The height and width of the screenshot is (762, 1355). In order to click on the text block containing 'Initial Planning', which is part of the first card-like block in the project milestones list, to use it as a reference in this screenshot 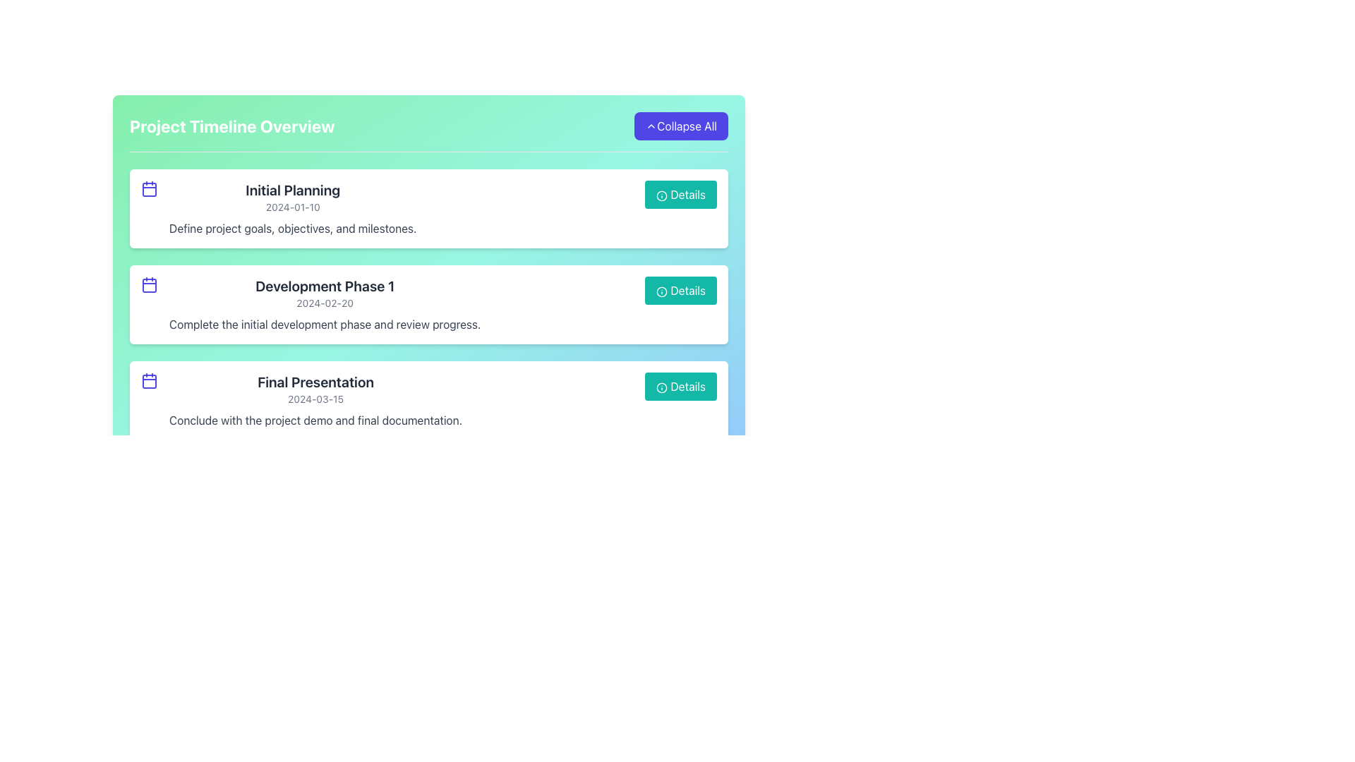, I will do `click(292, 209)`.